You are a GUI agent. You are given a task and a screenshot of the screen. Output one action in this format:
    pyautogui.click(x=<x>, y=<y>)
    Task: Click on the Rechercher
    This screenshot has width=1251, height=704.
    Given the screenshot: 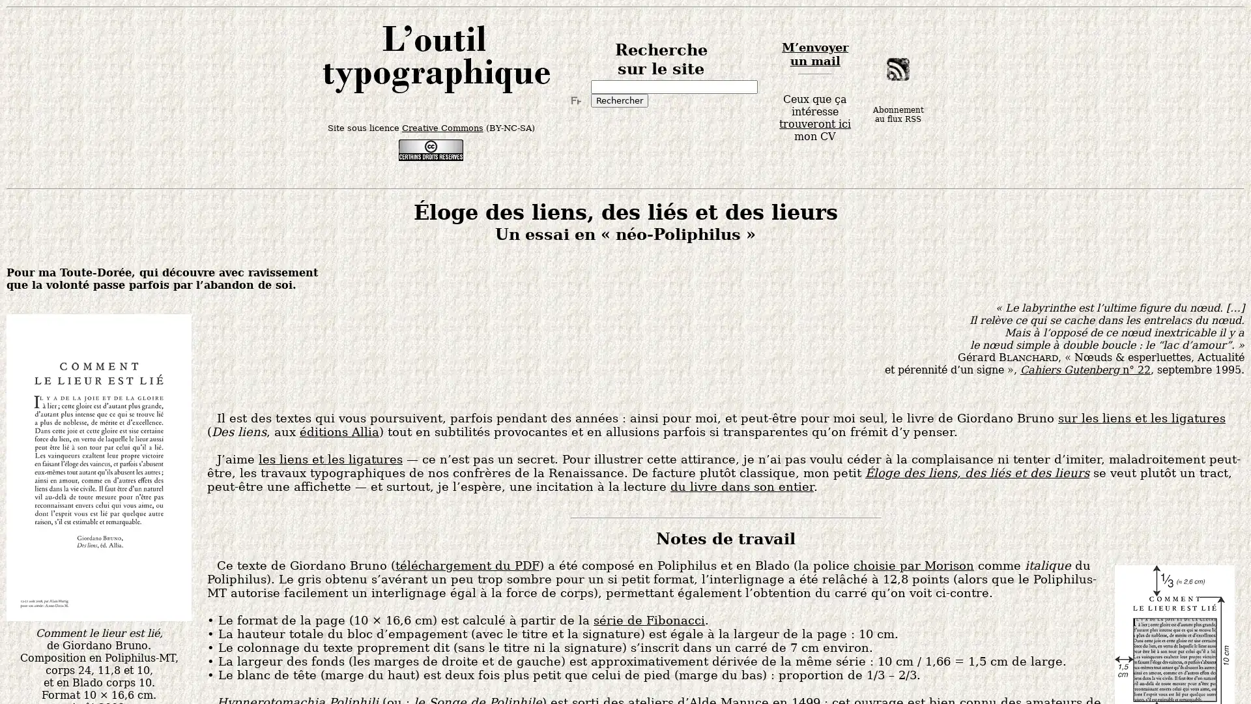 What is the action you would take?
    pyautogui.click(x=618, y=100)
    